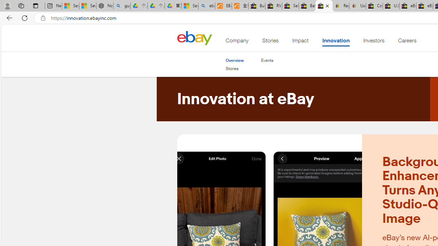 This screenshot has height=246, width=438. Describe the element at coordinates (340, 6) in the screenshot. I see `'Register: Create a personal eBay account'` at that location.